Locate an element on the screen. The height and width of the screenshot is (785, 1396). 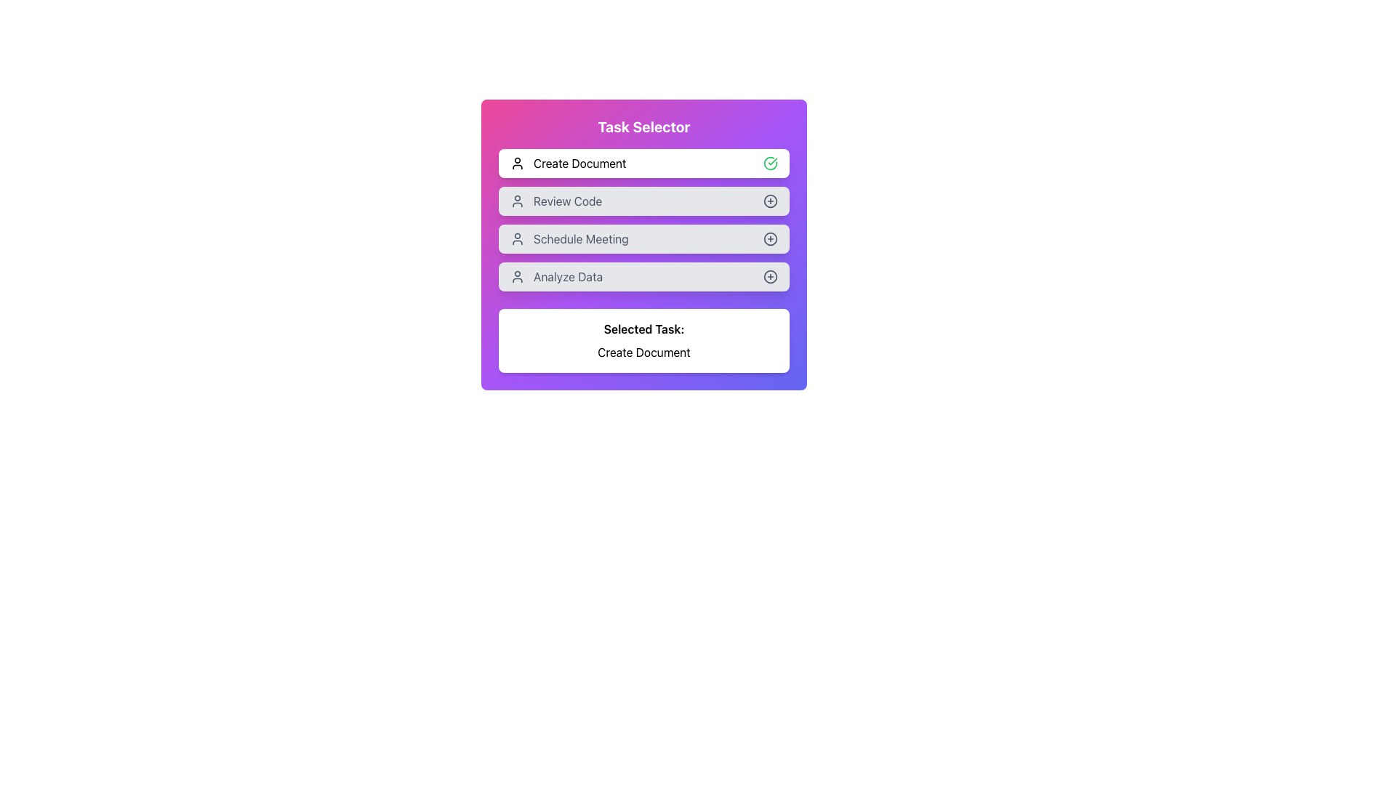
the user profile silhouette icon located to the left of the 'Schedule Meeting' text label in the task options list is located at coordinates (517, 238).